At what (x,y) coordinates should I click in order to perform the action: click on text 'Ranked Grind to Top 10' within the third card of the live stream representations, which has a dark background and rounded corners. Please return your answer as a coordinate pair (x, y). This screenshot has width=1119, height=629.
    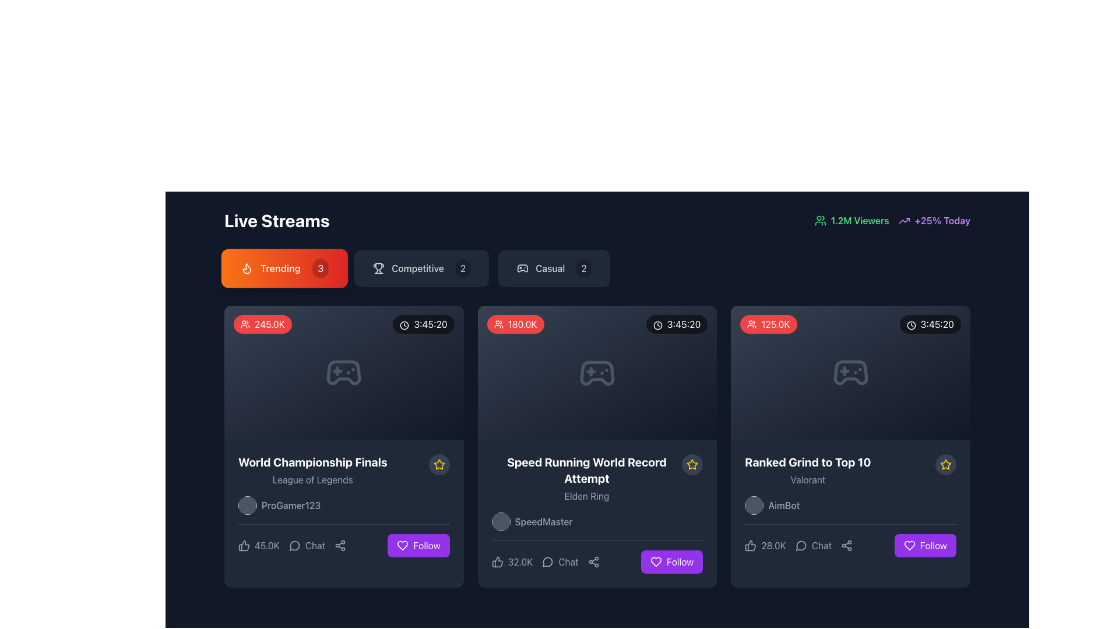
    Looking at the image, I should click on (807, 469).